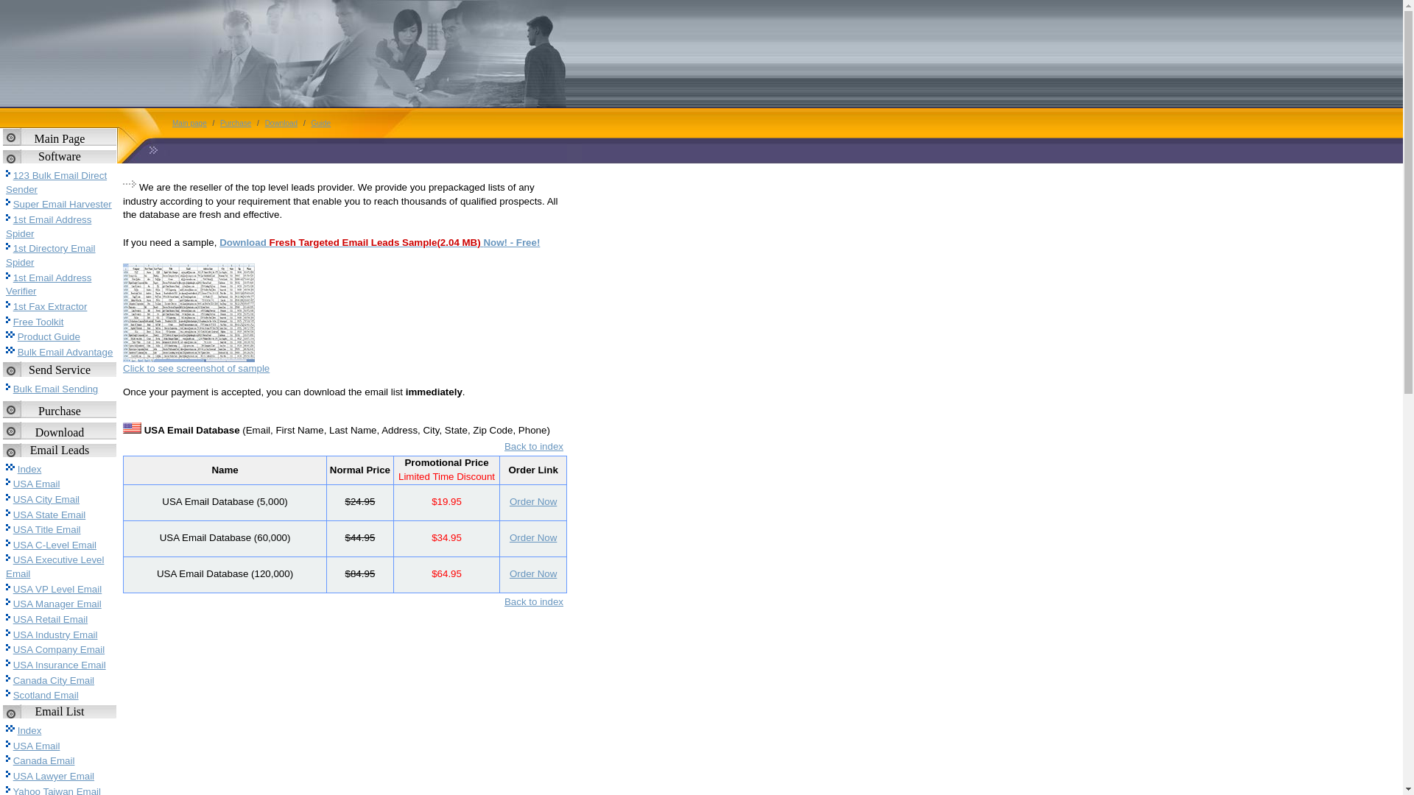  Describe the element at coordinates (236, 122) in the screenshot. I see `'Purchase'` at that location.